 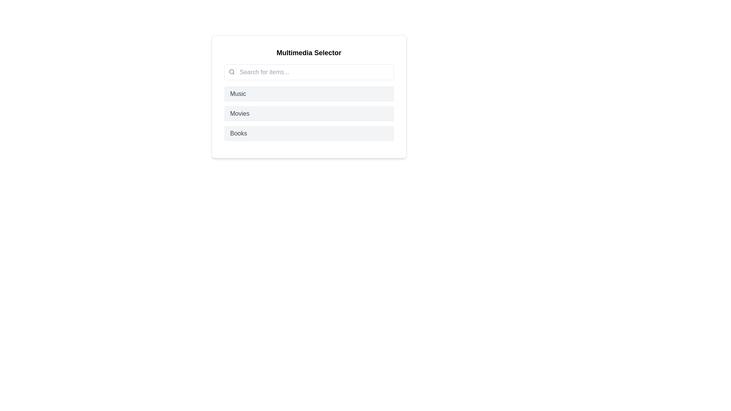 What do you see at coordinates (231, 72) in the screenshot?
I see `the central part of the magnifying glass icon represented by a circle inside an SVG, which is located near the top-left corner of the input field for search queries` at bounding box center [231, 72].